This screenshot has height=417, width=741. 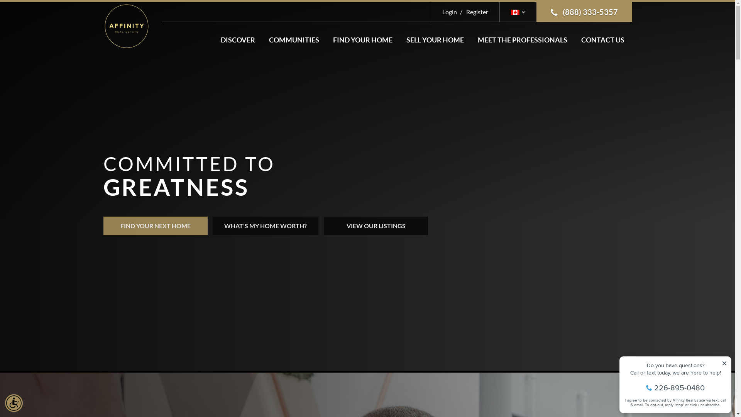 What do you see at coordinates (213, 40) in the screenshot?
I see `'DISCOVER'` at bounding box center [213, 40].